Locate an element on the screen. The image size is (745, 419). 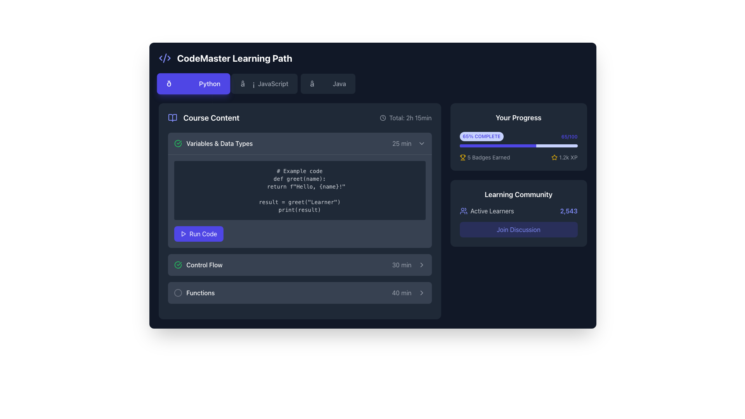
static text displaying the numeric metric of active learners, which is positioned to the far right of the 'Active Learners' section and follows the descriptive text is located at coordinates (569, 211).